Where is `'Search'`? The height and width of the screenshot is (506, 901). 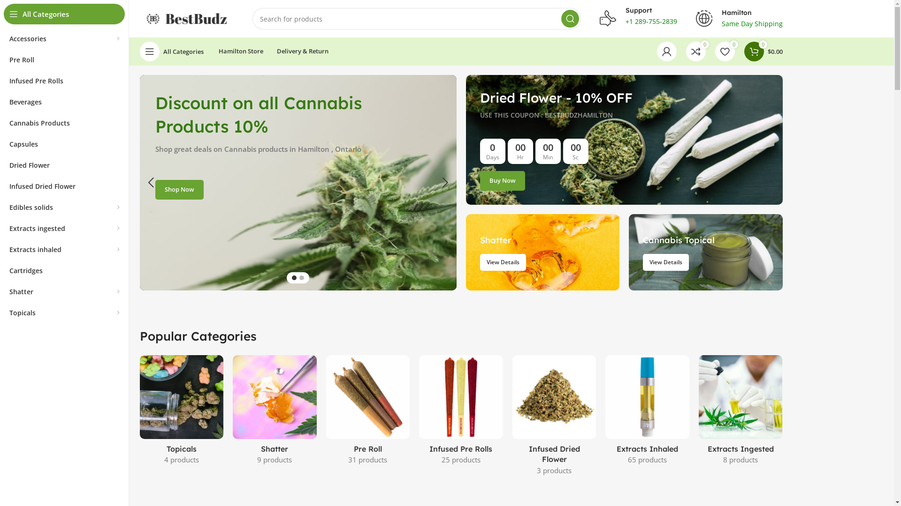 'Search' is located at coordinates (569, 18).